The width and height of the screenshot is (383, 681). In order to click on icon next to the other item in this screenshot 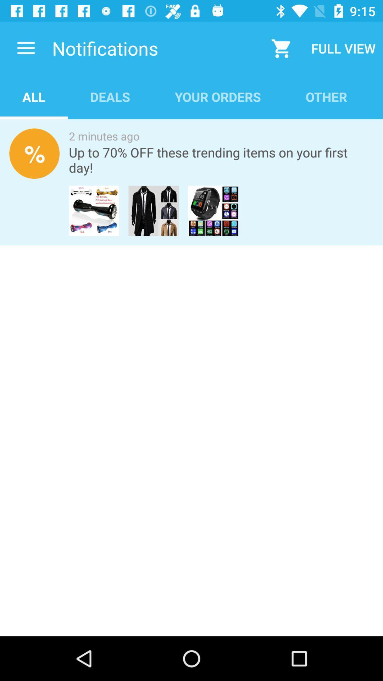, I will do `click(217, 96)`.